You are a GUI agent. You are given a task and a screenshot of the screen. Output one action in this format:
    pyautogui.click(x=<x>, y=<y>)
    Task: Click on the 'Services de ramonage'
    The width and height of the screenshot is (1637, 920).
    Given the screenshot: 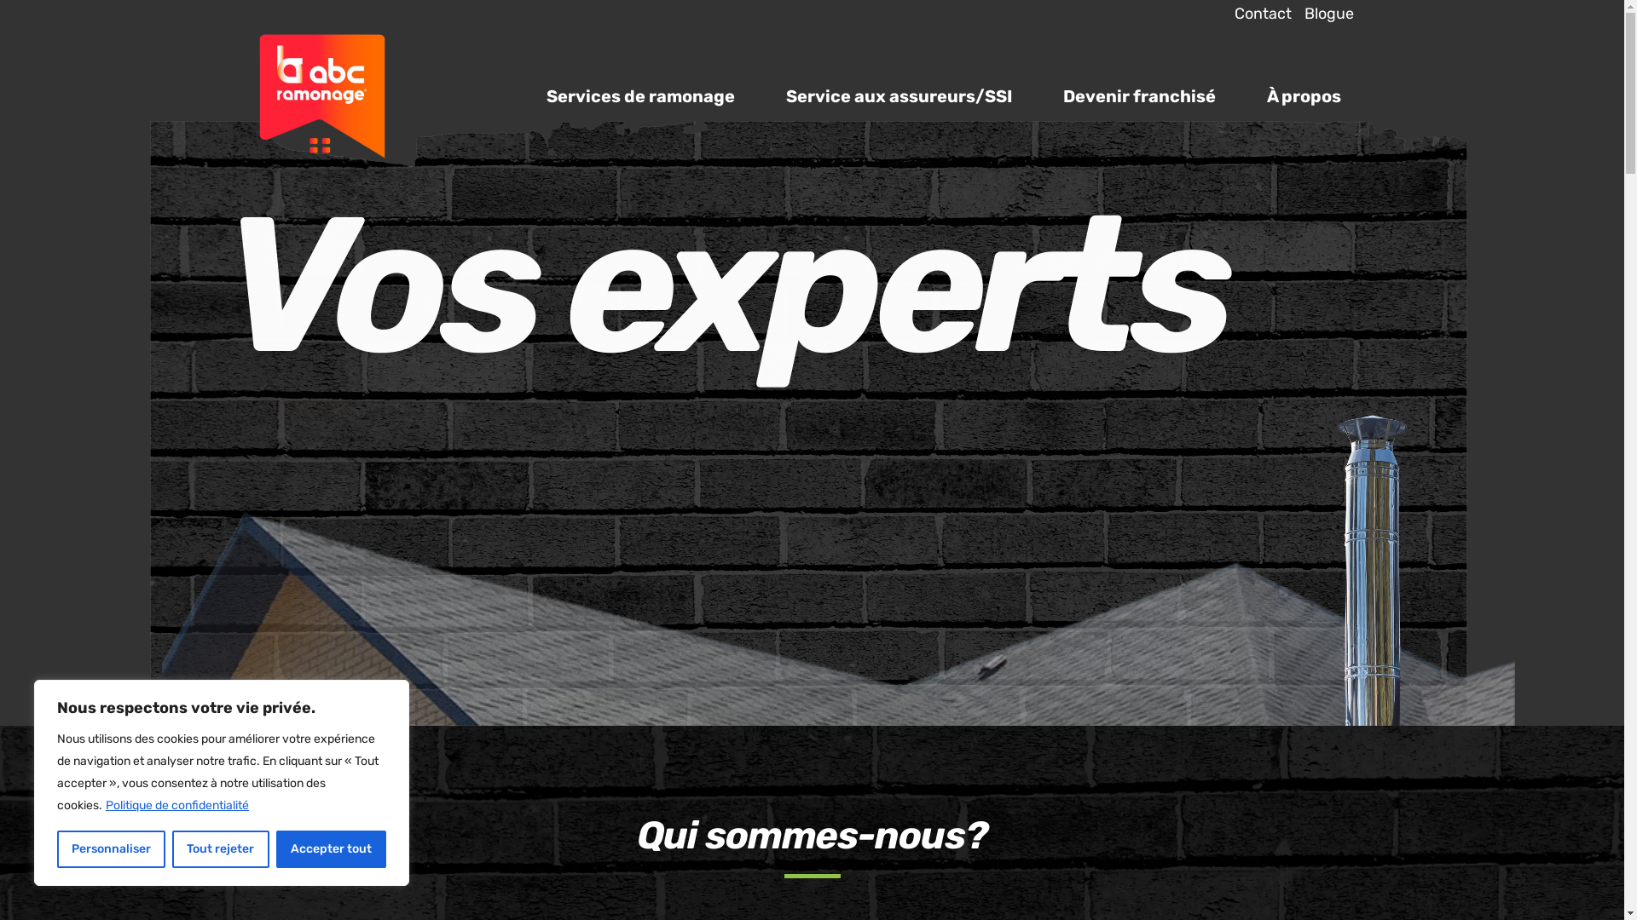 What is the action you would take?
    pyautogui.click(x=639, y=95)
    